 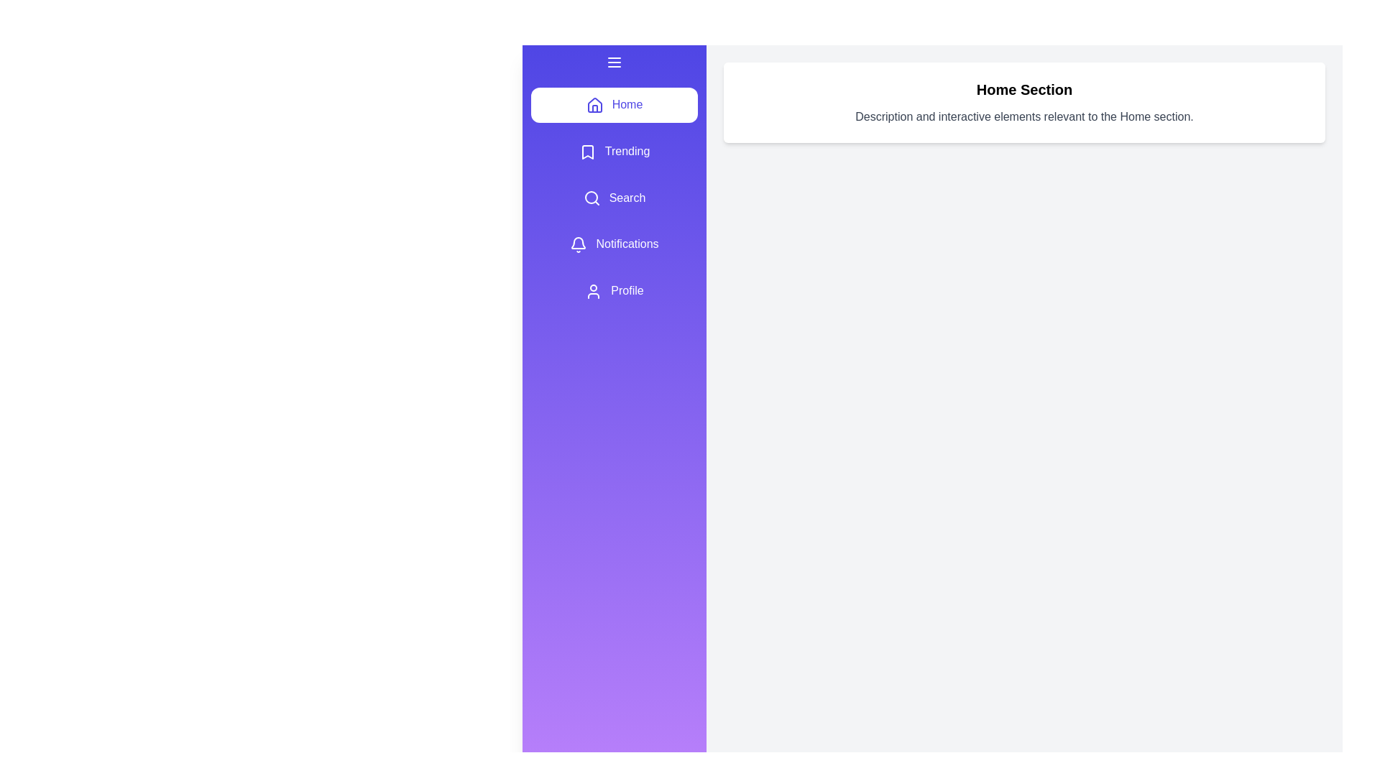 What do you see at coordinates (614, 62) in the screenshot?
I see `the menu icon to toggle the sidebar visibility` at bounding box center [614, 62].